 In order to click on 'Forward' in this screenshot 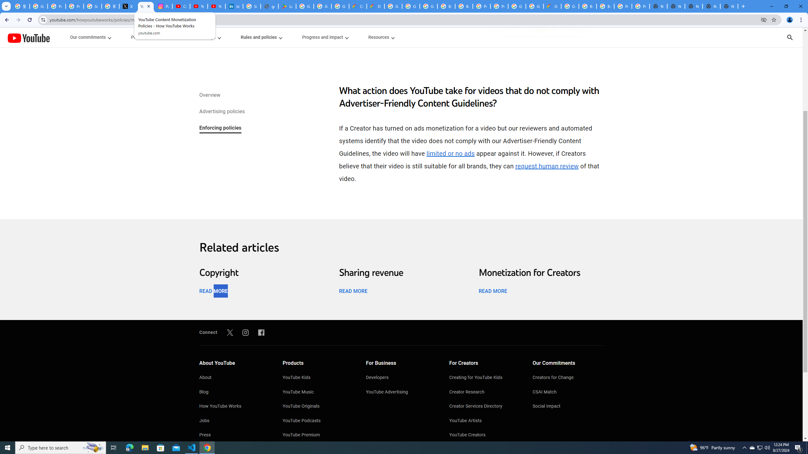, I will do `click(18, 20)`.